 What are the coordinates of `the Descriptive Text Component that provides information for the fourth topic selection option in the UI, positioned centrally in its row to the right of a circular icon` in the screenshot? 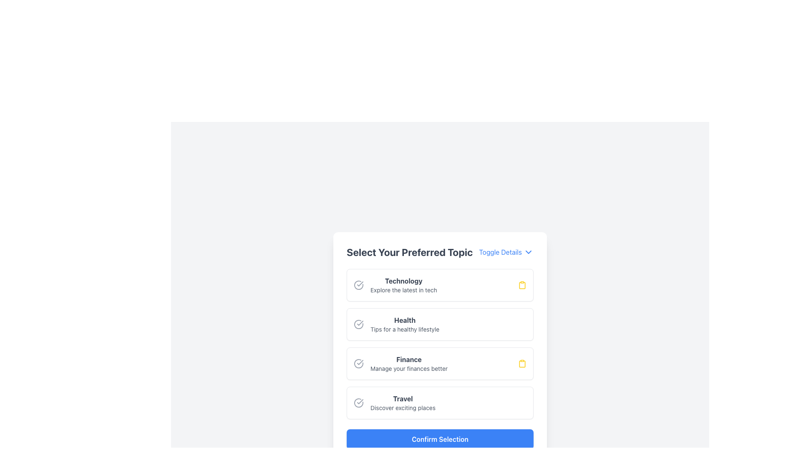 It's located at (403, 402).